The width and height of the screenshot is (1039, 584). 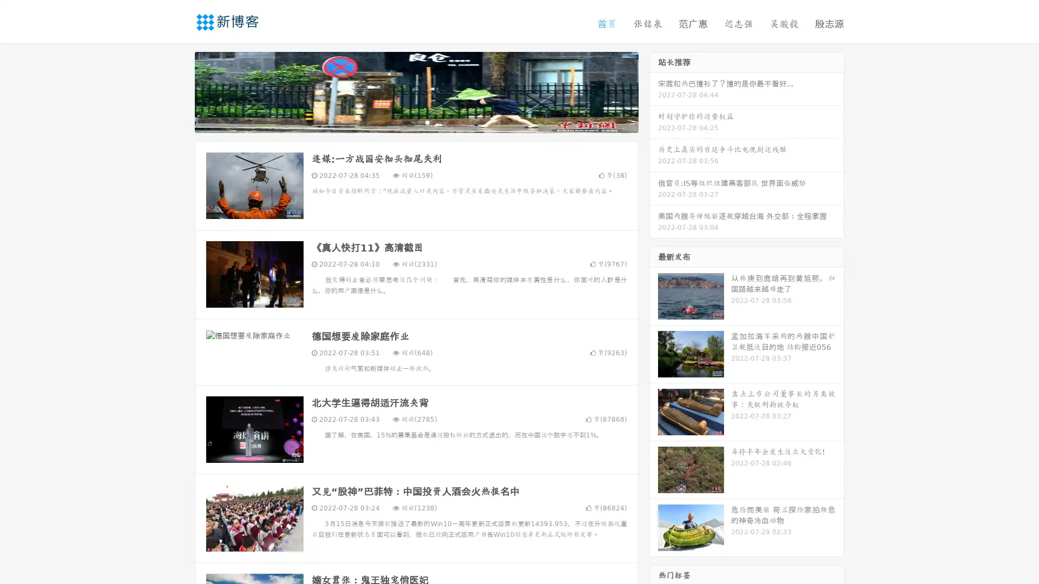 What do you see at coordinates (416, 122) in the screenshot?
I see `Go to slide 2` at bounding box center [416, 122].